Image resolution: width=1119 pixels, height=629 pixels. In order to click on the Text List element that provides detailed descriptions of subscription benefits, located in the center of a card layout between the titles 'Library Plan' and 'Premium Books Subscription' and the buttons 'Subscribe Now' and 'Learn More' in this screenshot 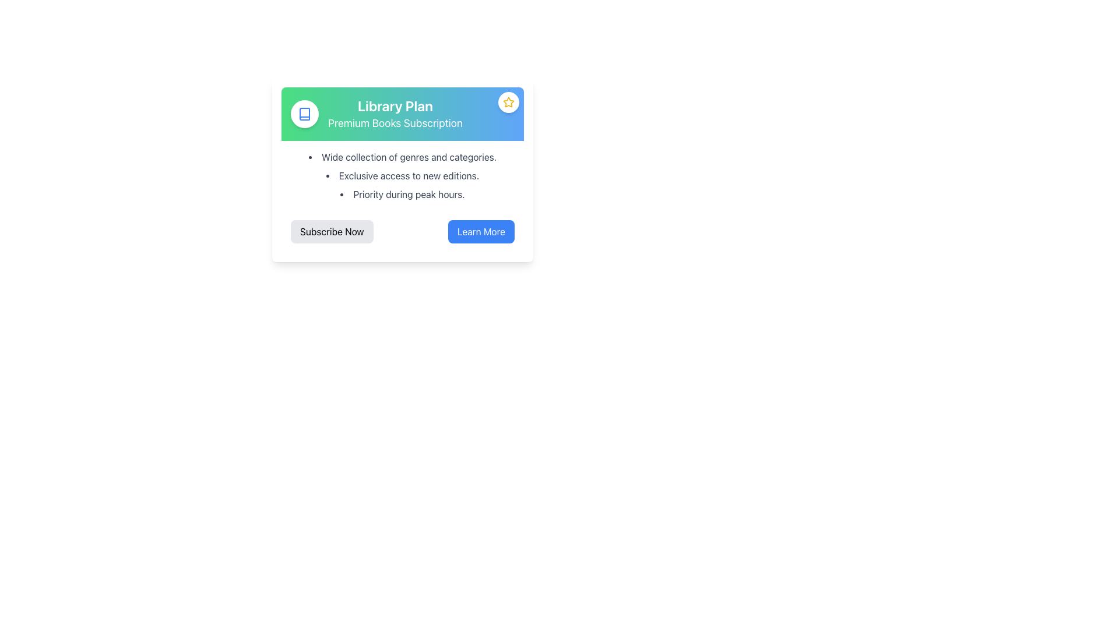, I will do `click(403, 175)`.